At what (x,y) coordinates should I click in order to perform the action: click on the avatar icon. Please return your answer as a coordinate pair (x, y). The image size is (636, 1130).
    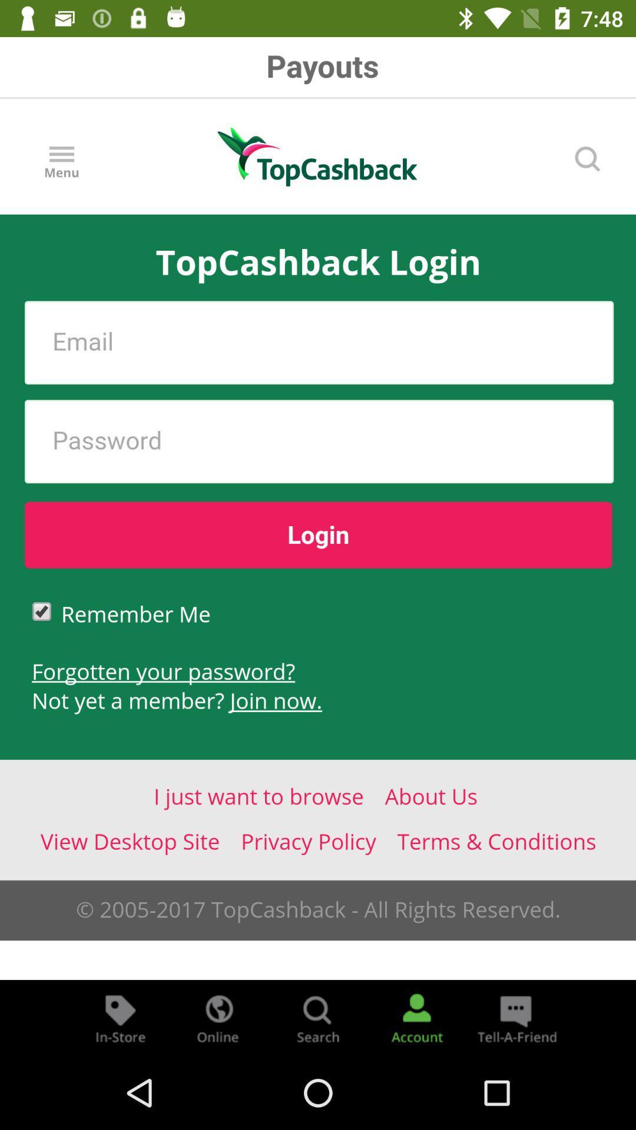
    Looking at the image, I should click on (416, 1017).